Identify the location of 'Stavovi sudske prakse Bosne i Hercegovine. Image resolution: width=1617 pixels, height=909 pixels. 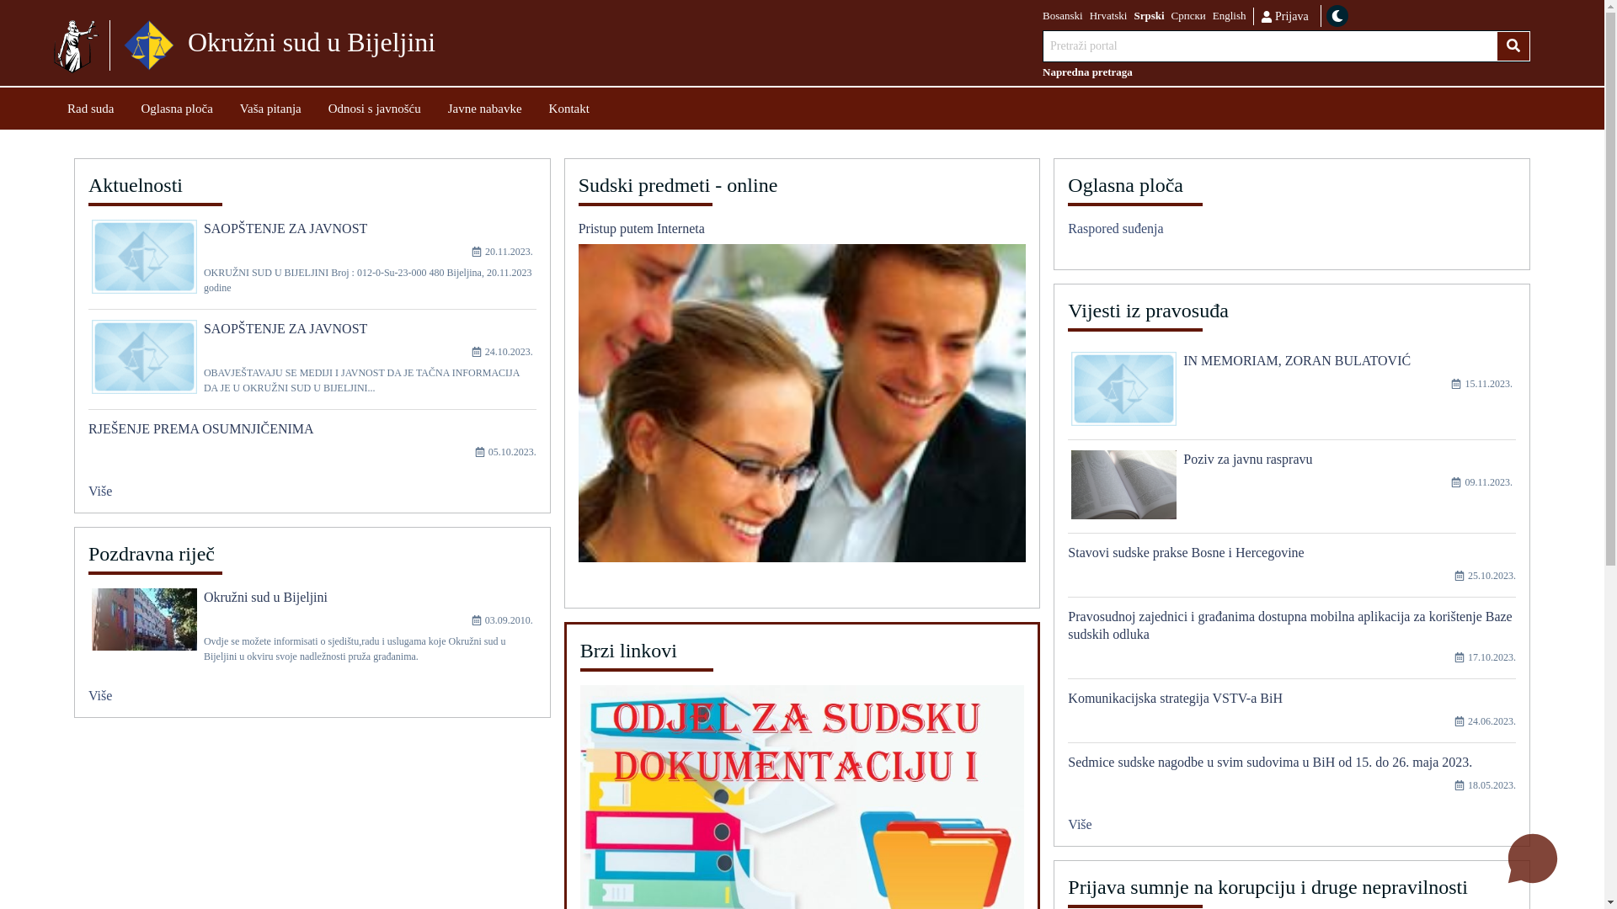
(1291, 570).